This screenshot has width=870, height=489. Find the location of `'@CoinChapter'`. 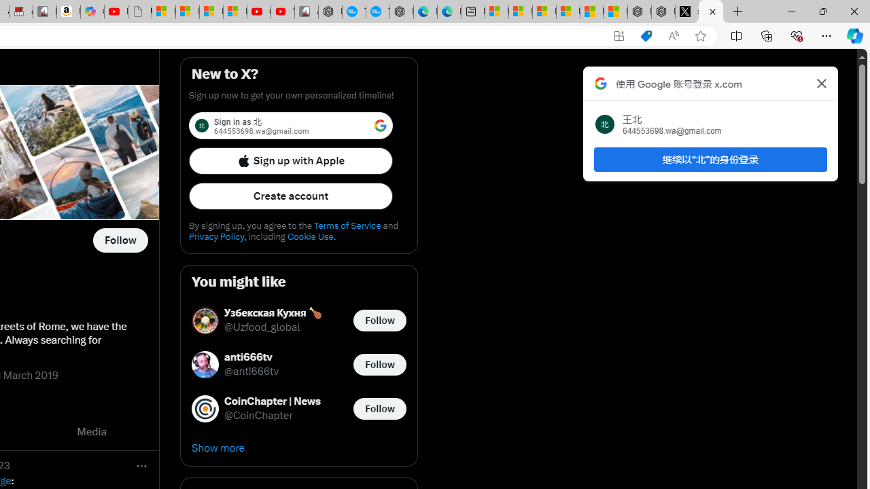

'@CoinChapter' is located at coordinates (258, 415).